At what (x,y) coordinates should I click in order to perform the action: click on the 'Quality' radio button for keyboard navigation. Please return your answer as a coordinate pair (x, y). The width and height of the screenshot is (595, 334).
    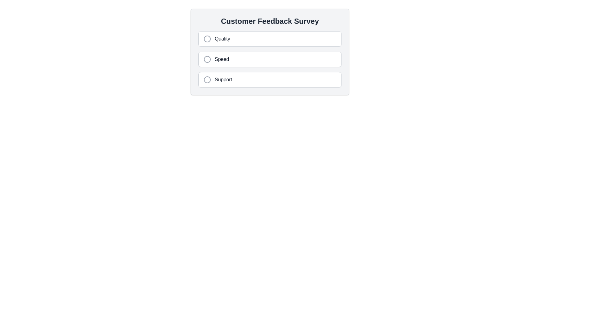
    Looking at the image, I should click on (270, 39).